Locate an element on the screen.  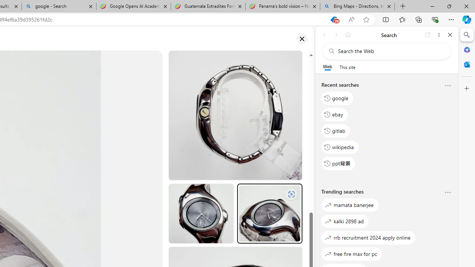
'You have the best price! Shopping in Microsoft Edge, 20' is located at coordinates (333, 19).